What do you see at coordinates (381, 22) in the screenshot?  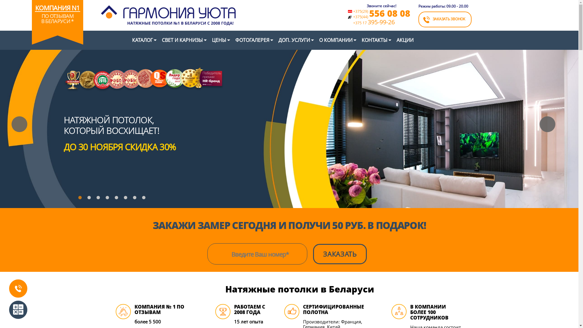 I see `'+375 17395-99-26'` at bounding box center [381, 22].